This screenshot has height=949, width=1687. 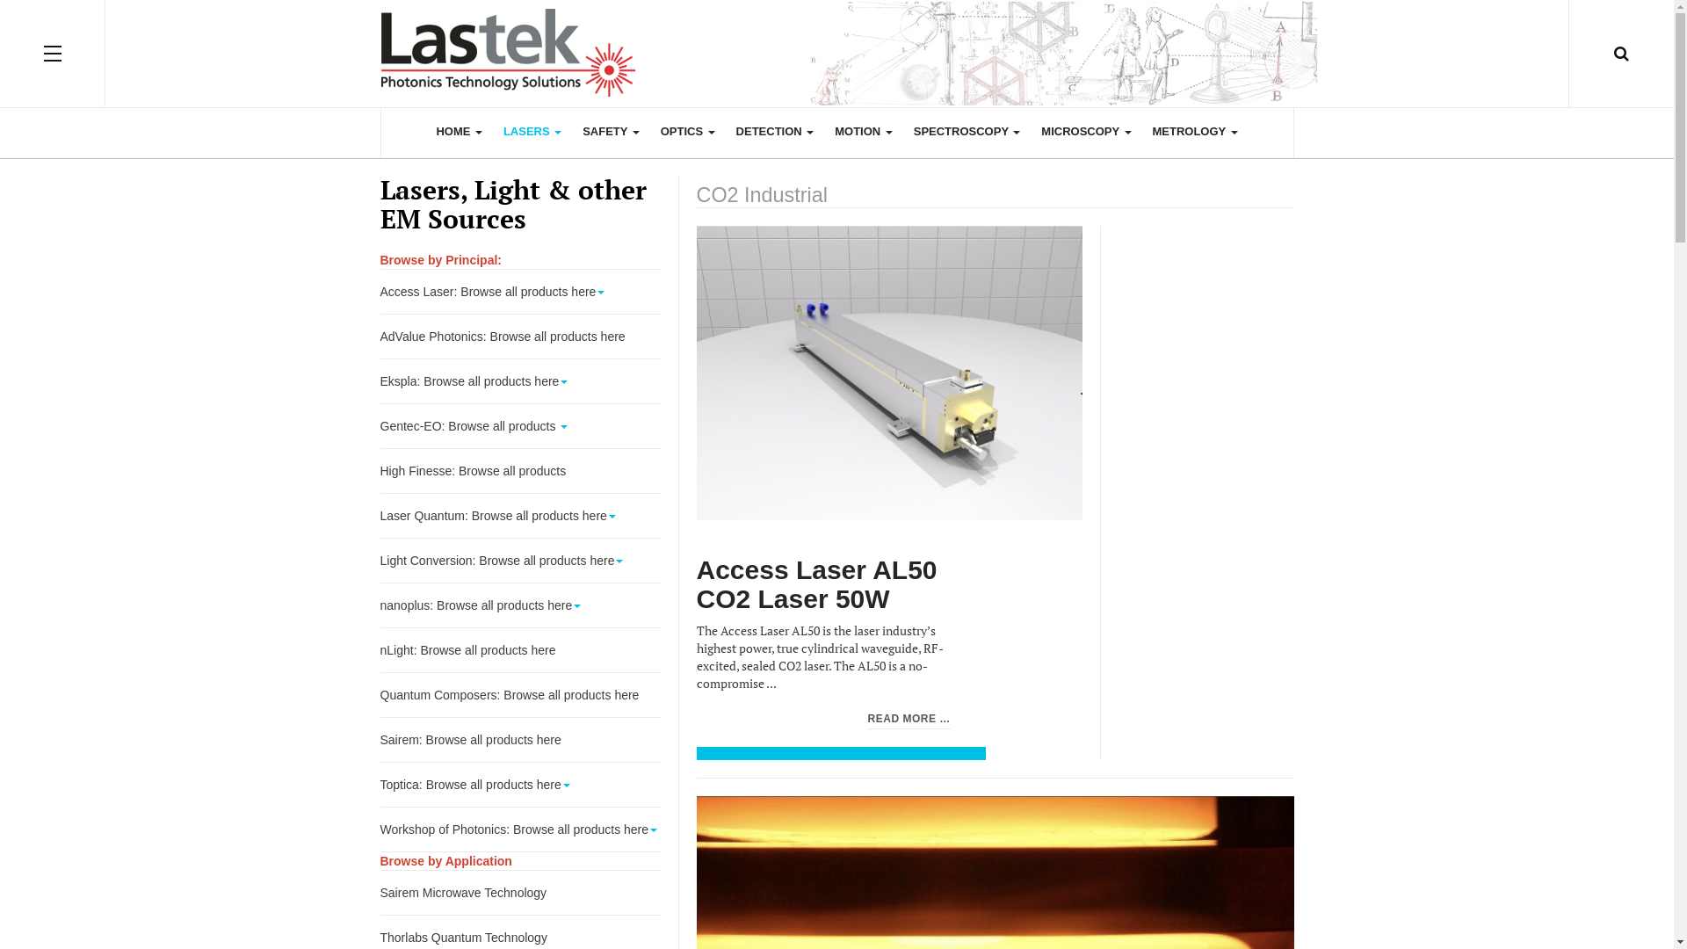 I want to click on 'nLight: Browse all products here', so click(x=518, y=650).